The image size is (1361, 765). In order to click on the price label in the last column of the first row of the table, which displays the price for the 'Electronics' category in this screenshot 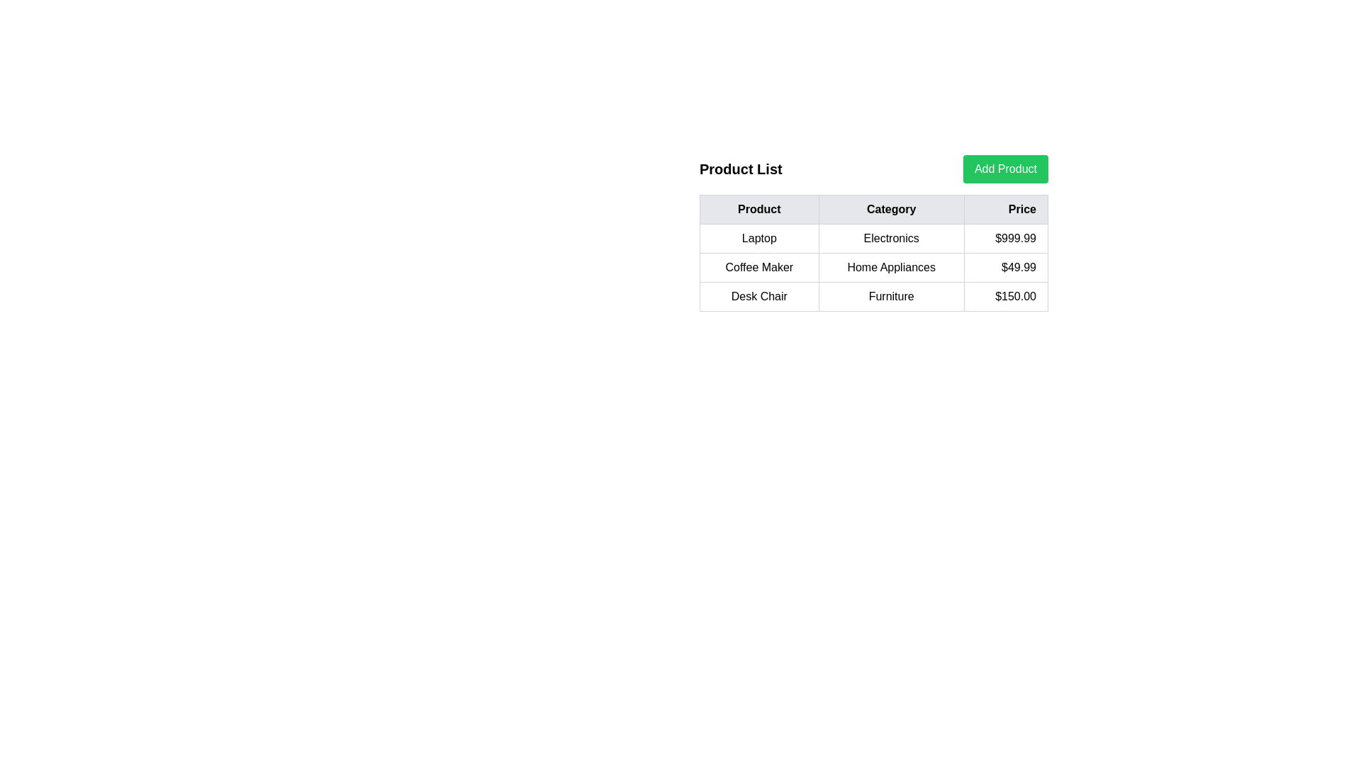, I will do `click(1005, 237)`.